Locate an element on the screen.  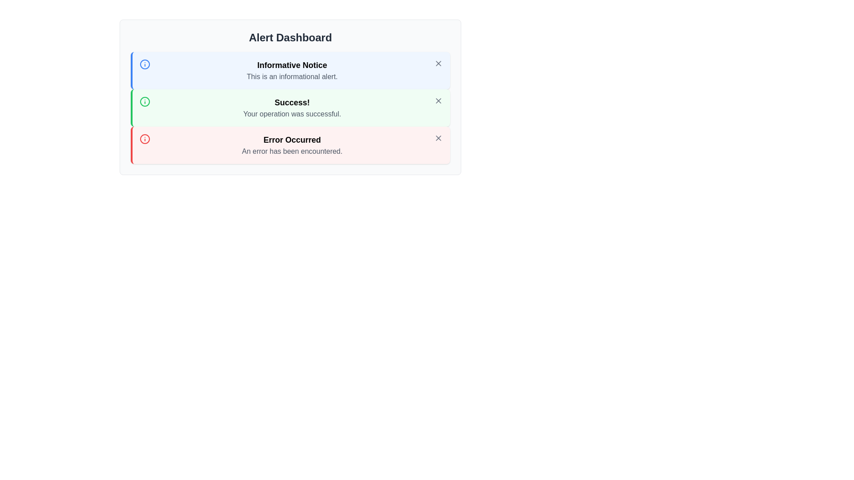
text from the Informational message box titled 'Error Occurred', which contains the subtitle 'An error has been encountered.' is located at coordinates (292, 145).